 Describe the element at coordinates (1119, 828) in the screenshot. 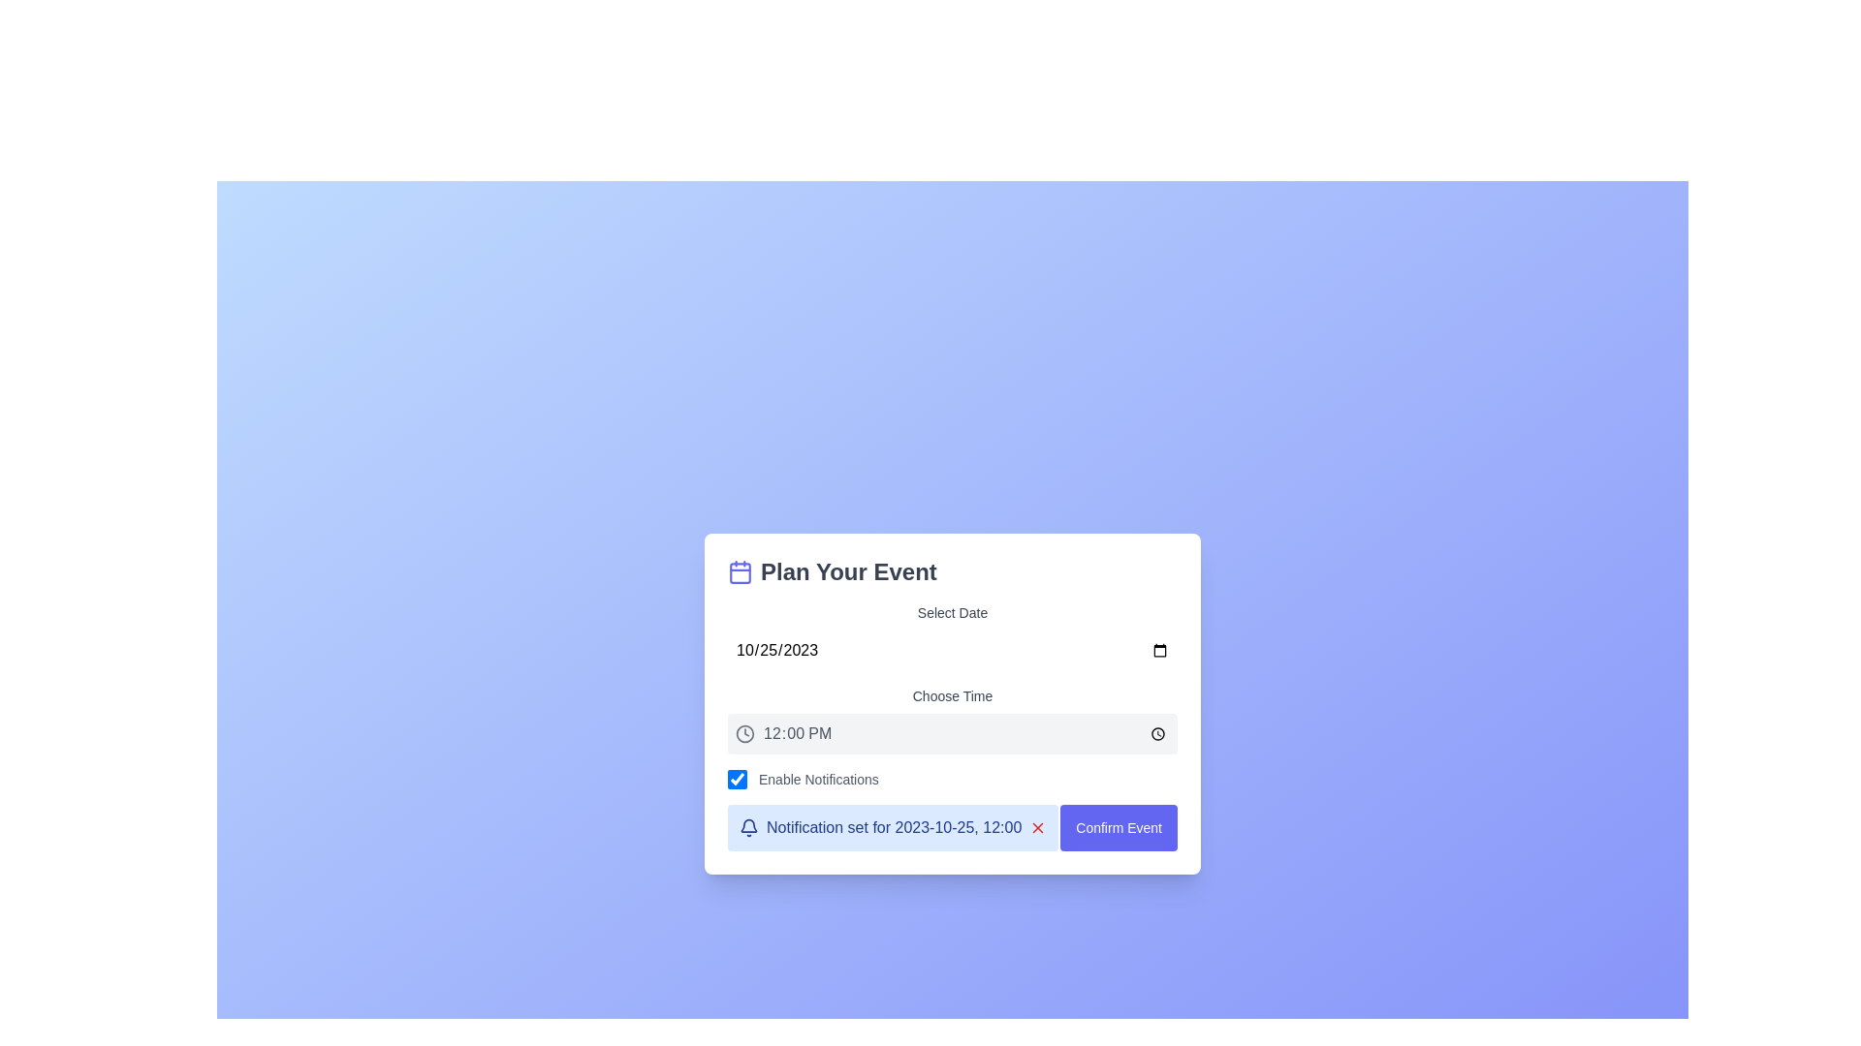

I see `the confirmation button located in the bottom-right corner of the notification setup interface, adjacent to the notification description` at that location.